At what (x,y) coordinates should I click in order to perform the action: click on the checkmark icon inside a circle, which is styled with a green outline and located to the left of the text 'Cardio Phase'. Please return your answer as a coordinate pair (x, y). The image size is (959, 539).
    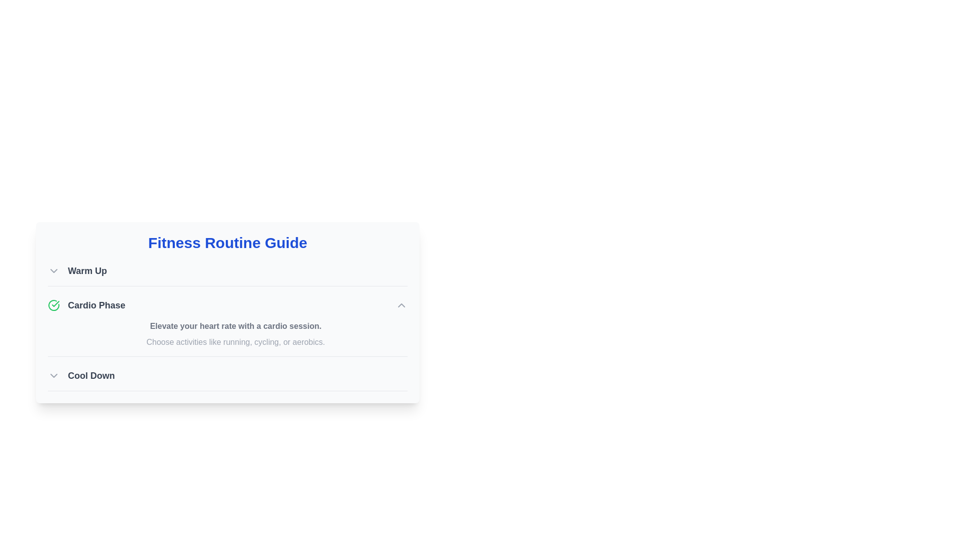
    Looking at the image, I should click on (53, 305).